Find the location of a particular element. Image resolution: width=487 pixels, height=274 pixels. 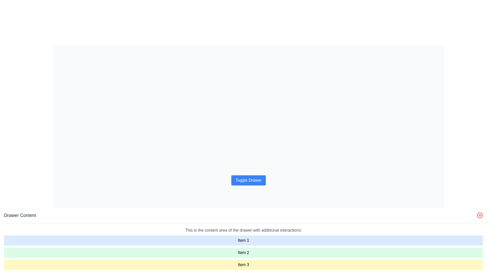

the toggle button positioned above the 'Drawer Content' section is located at coordinates (248, 180).